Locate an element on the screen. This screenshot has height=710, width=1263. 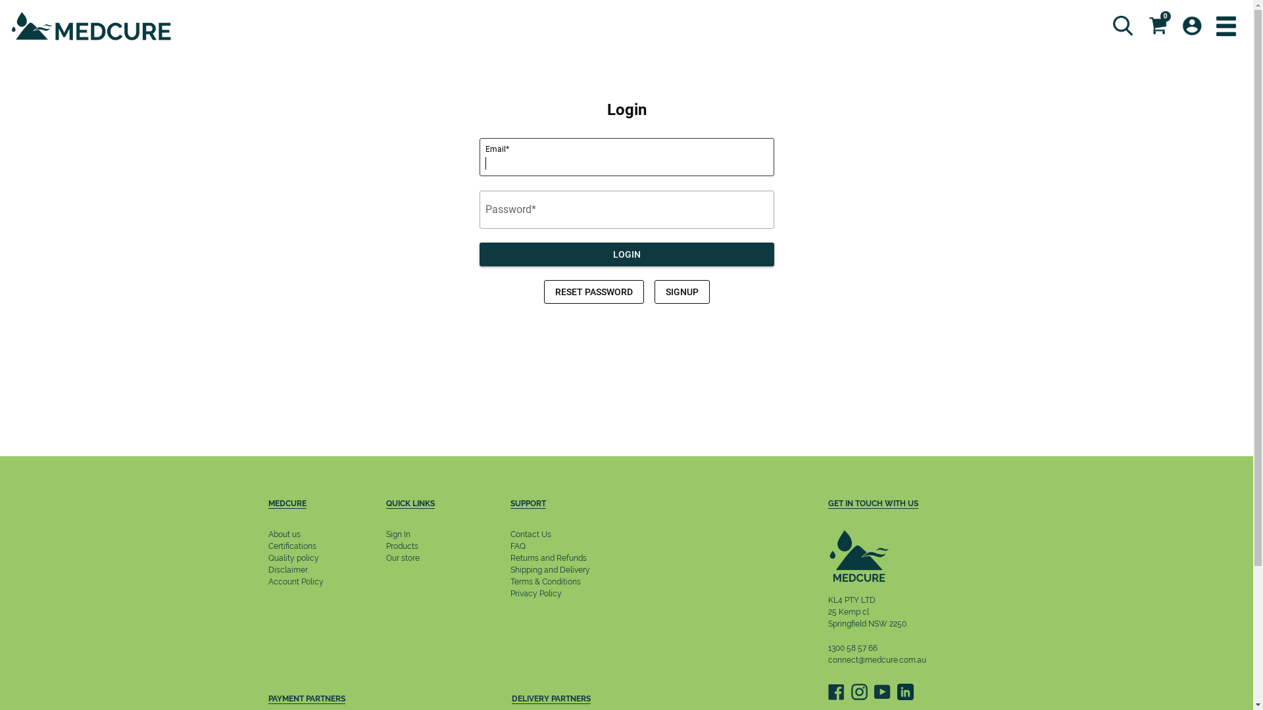
'Returns and Refunds' is located at coordinates (510, 557).